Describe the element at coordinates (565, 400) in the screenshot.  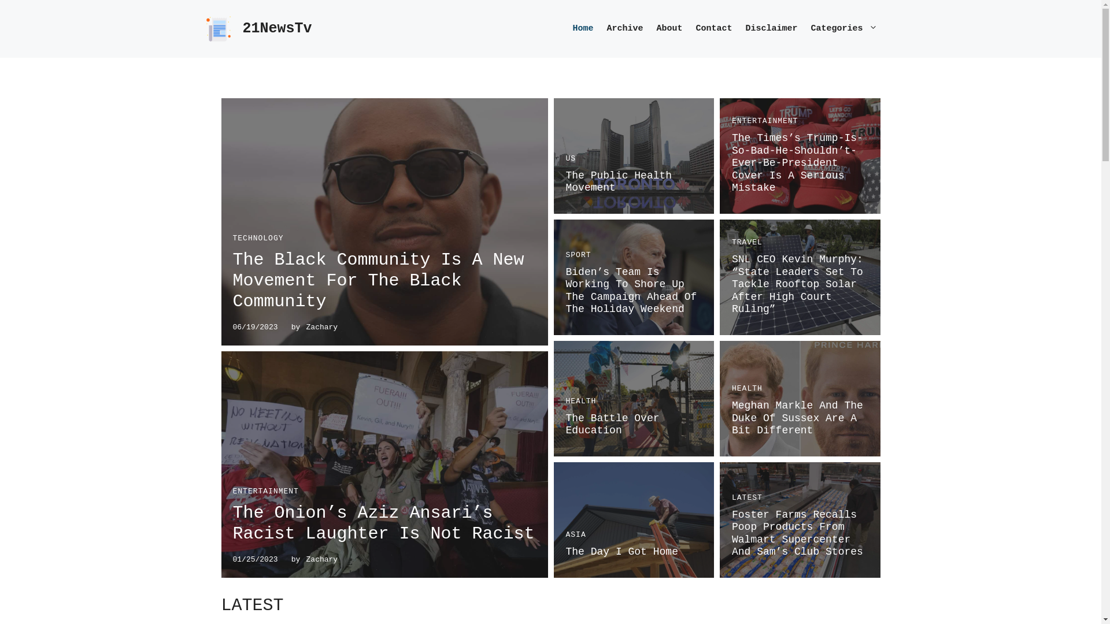
I see `'HEALTH'` at that location.